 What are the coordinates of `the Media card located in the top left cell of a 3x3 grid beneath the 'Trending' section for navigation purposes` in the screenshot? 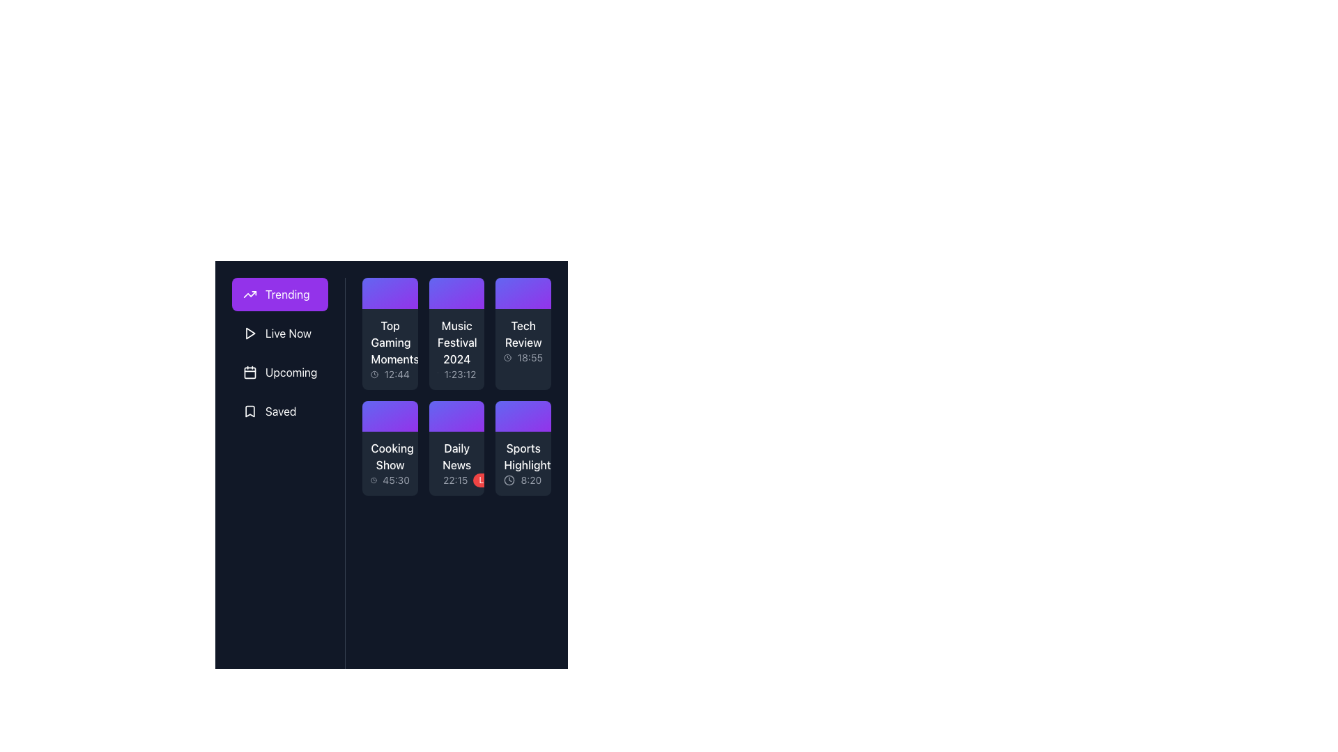 It's located at (390, 334).